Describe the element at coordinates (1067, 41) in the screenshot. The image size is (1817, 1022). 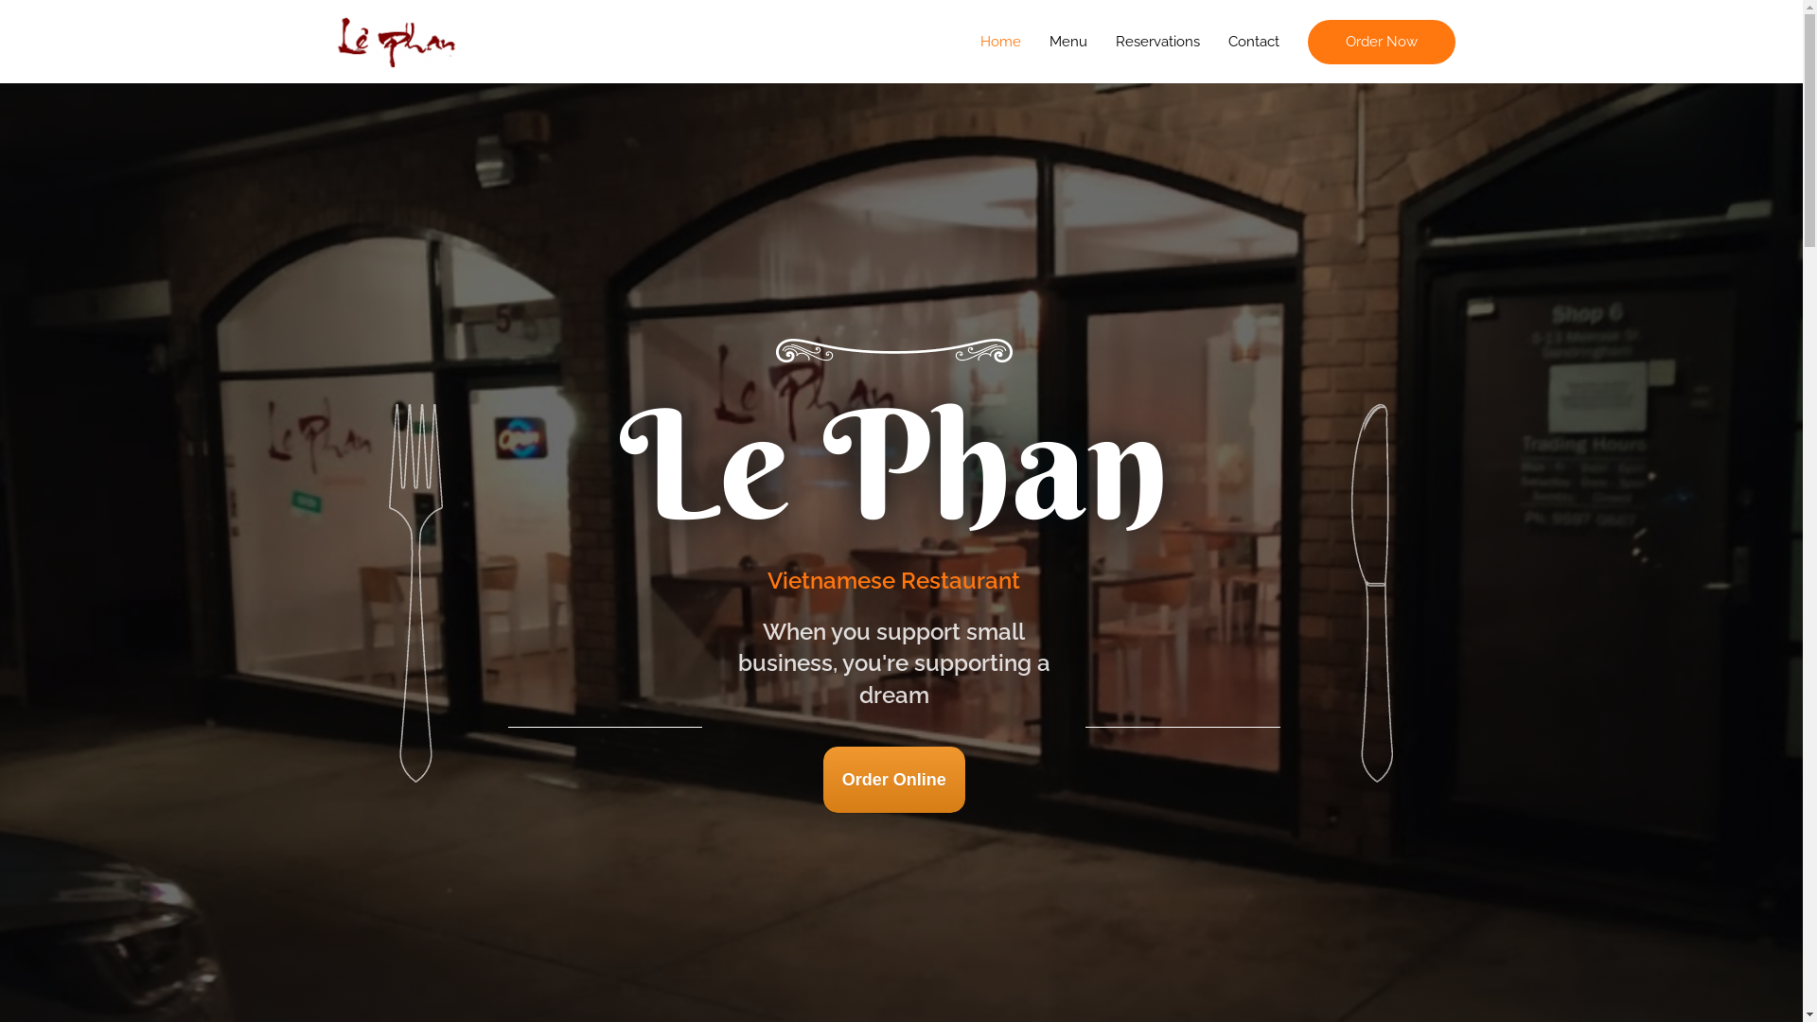
I see `'Menu'` at that location.